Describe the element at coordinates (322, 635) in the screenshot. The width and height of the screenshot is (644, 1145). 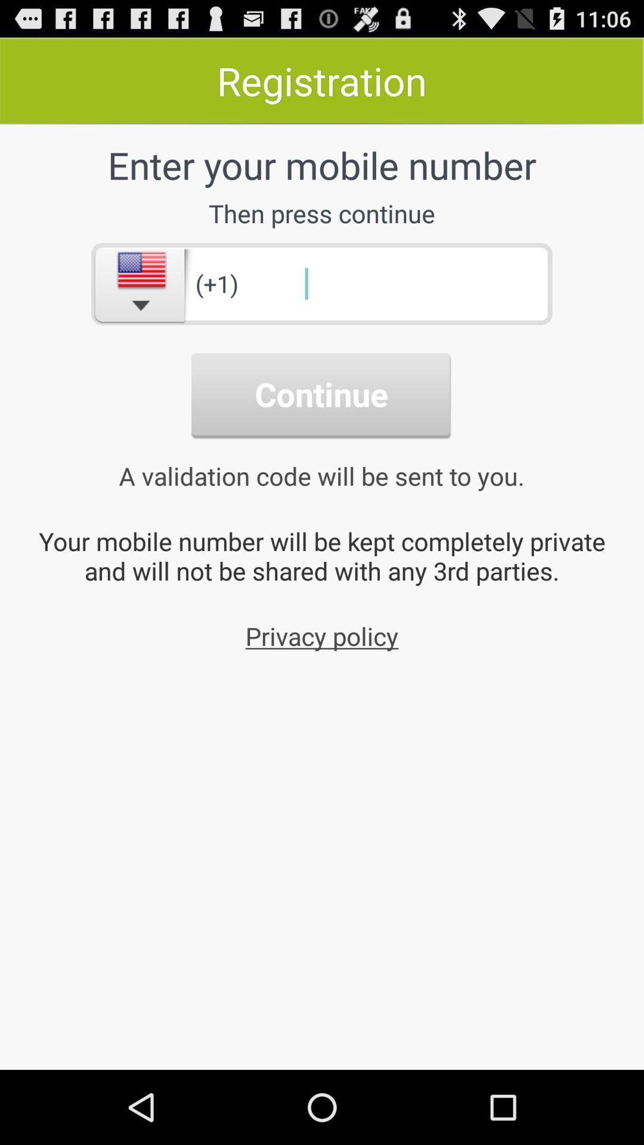
I see `item below the your mobile number app` at that location.